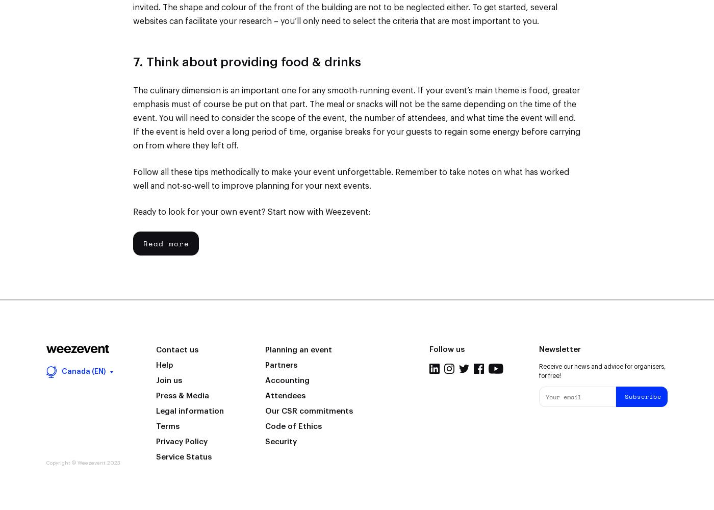  I want to click on 'Copyright © Weezevent
			2023', so click(83, 463).